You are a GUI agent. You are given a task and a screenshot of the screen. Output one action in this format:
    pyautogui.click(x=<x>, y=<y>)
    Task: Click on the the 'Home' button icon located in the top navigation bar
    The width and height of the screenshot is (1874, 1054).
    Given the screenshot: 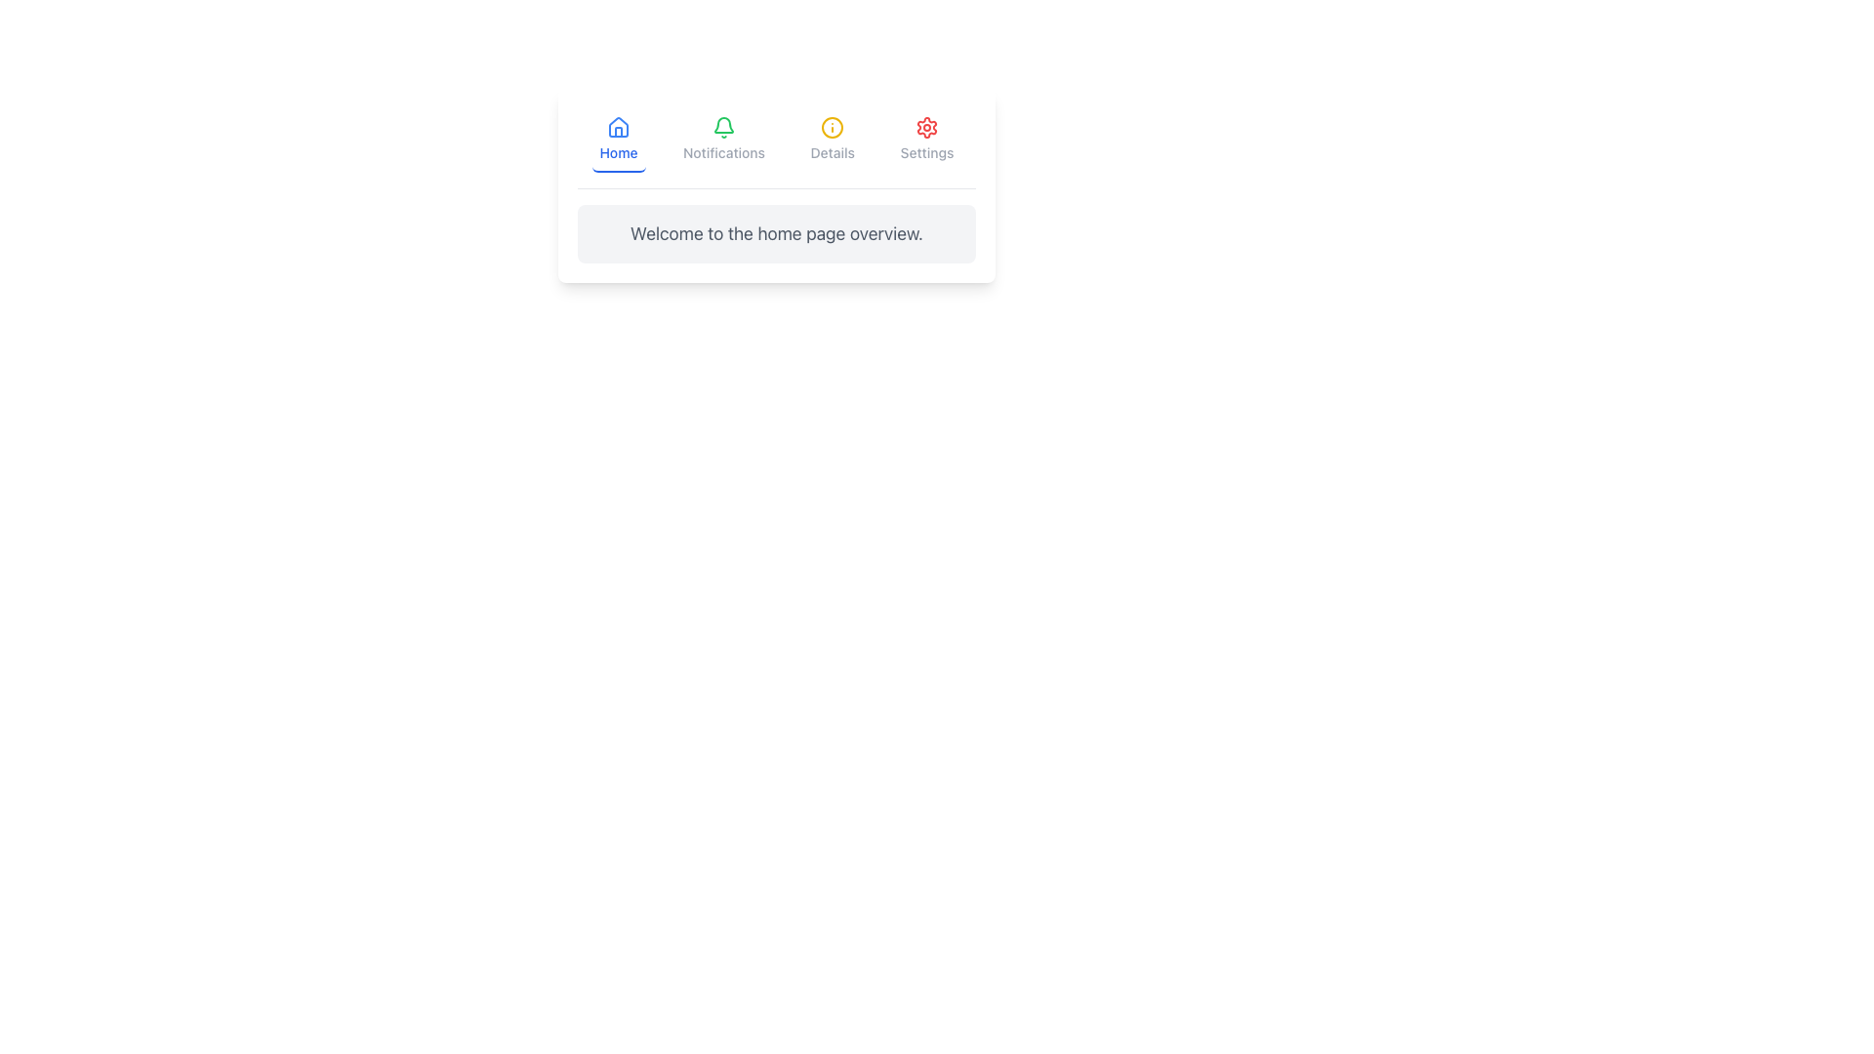 What is the action you would take?
    pyautogui.click(x=617, y=127)
    